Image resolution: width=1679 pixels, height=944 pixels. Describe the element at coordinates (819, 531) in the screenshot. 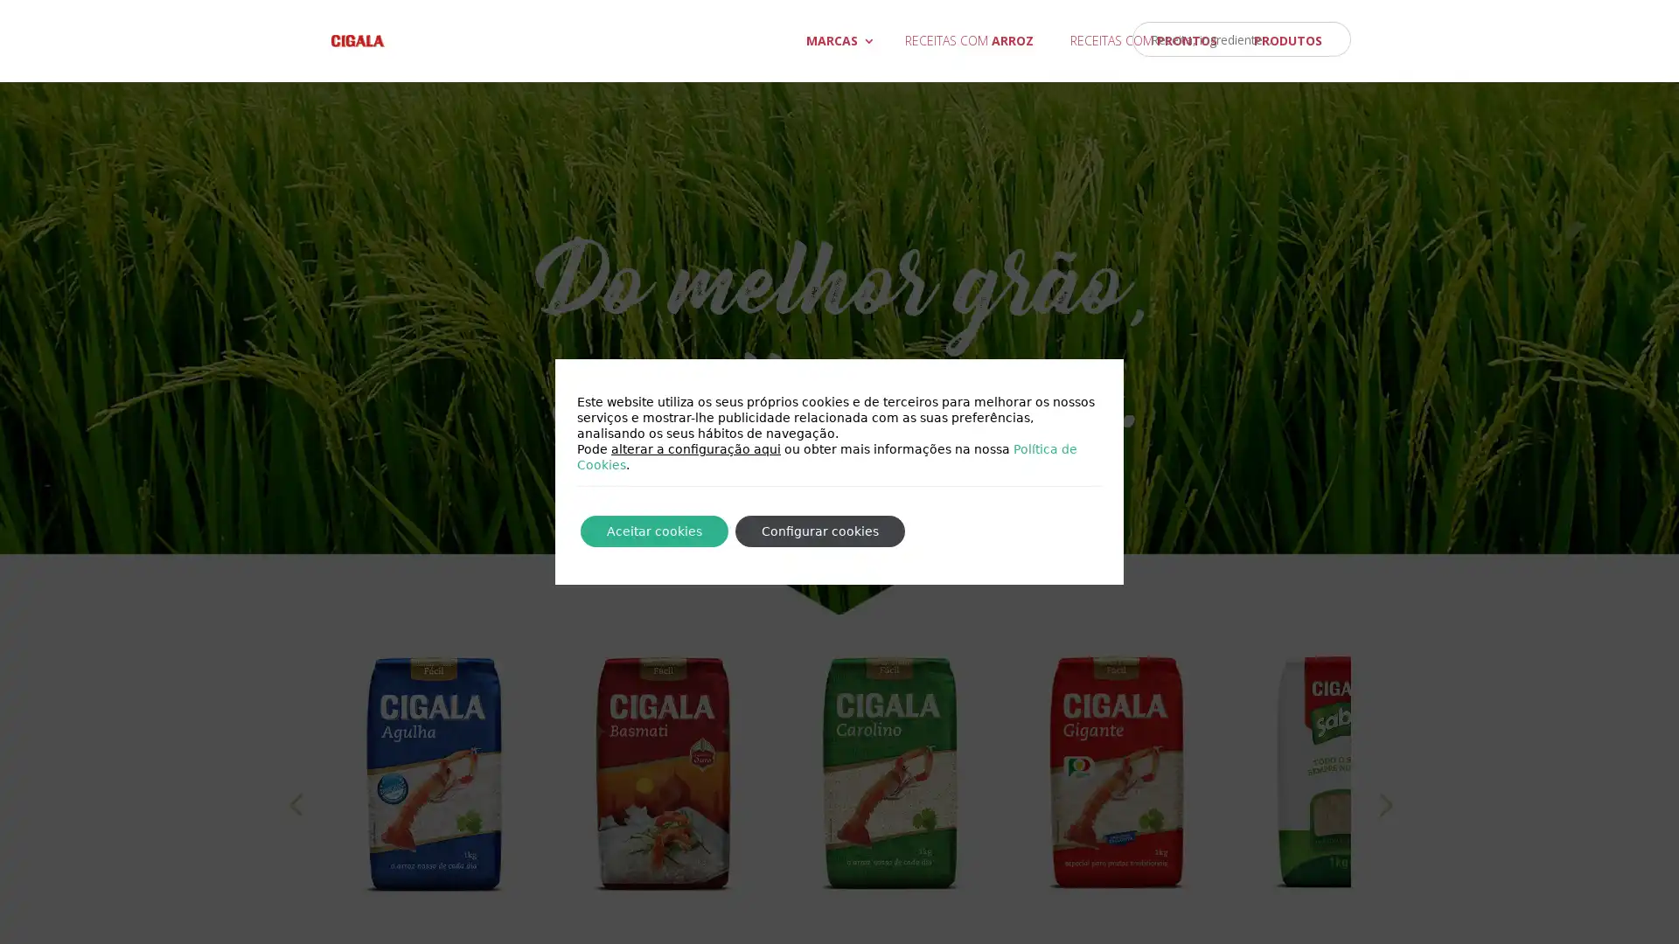

I see `Configurar cookies` at that location.